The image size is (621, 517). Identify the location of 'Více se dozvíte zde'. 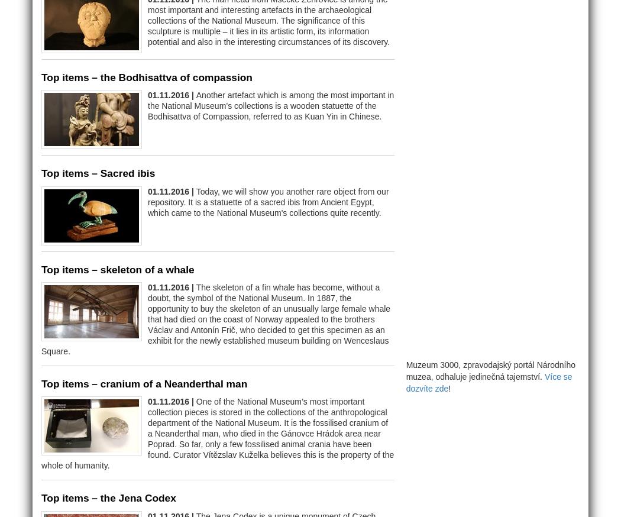
(489, 381).